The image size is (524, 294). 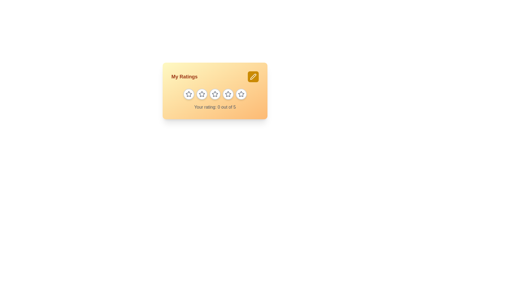 What do you see at coordinates (215, 94) in the screenshot?
I see `the third star icon in the 5-star rating system` at bounding box center [215, 94].